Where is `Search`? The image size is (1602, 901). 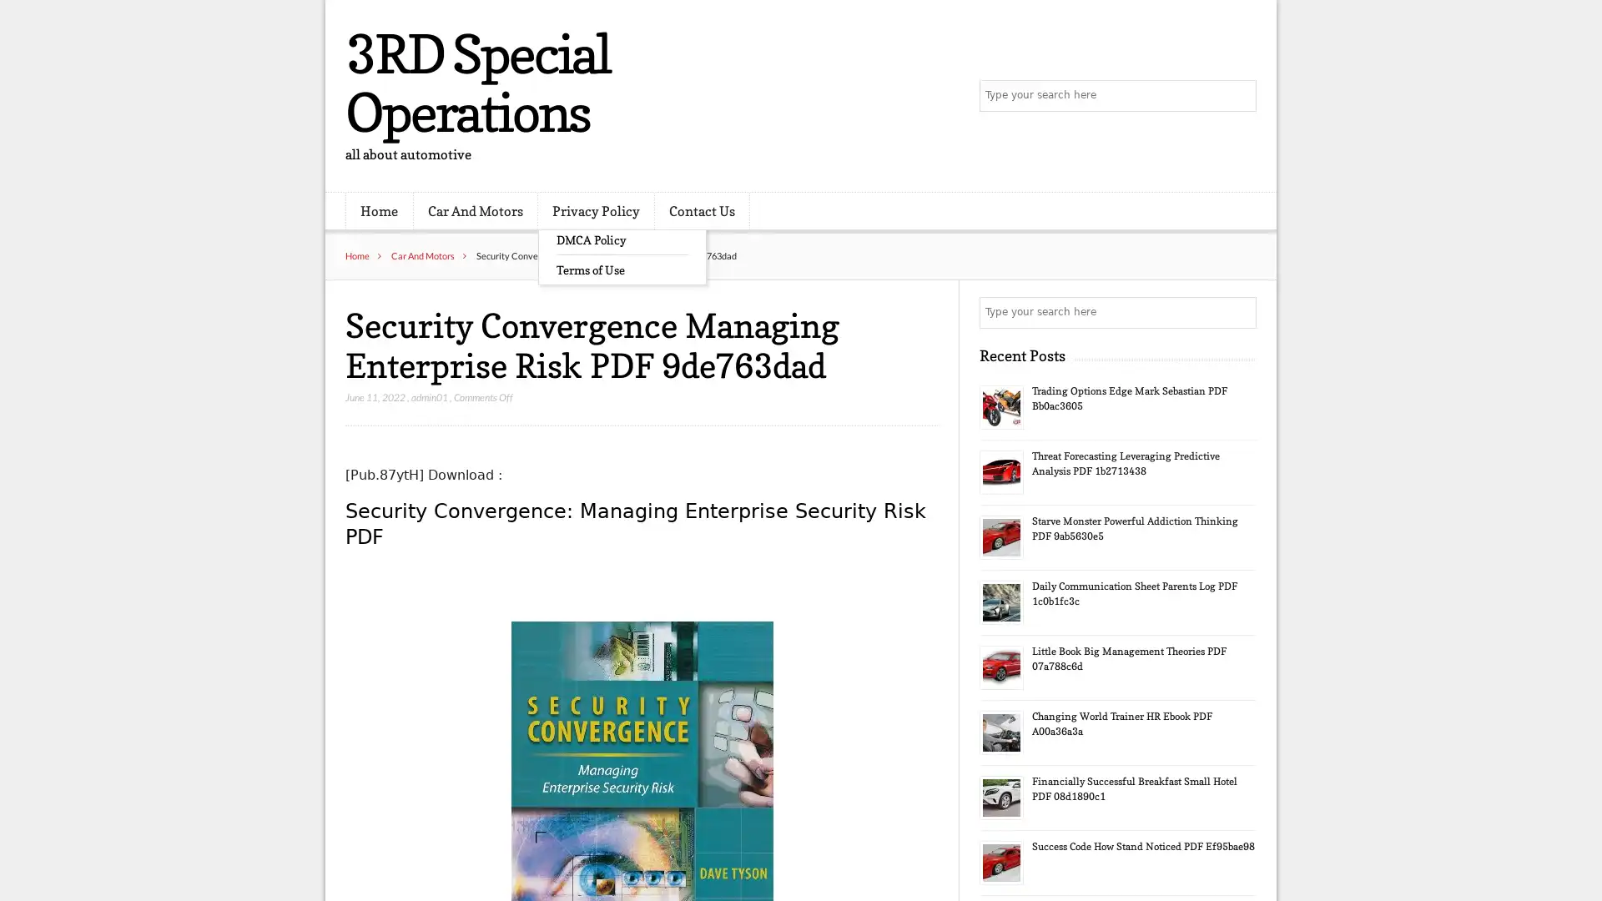 Search is located at coordinates (1239, 312).